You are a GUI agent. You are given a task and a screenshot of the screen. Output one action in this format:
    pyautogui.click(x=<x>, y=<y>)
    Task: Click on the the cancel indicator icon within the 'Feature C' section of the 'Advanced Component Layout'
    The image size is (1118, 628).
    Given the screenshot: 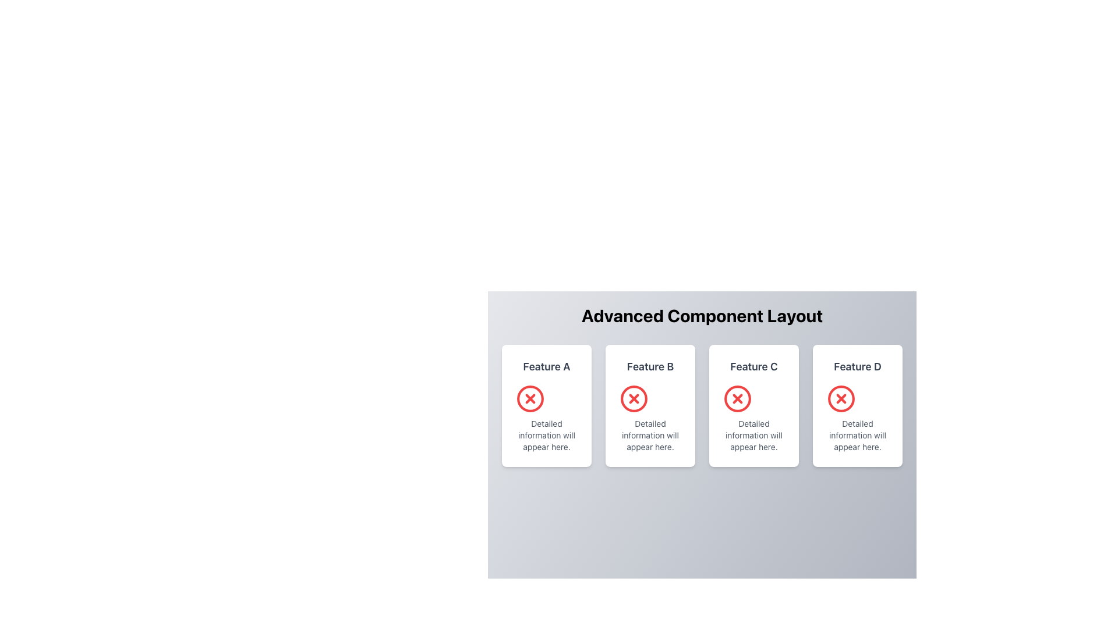 What is the action you would take?
    pyautogui.click(x=737, y=398)
    